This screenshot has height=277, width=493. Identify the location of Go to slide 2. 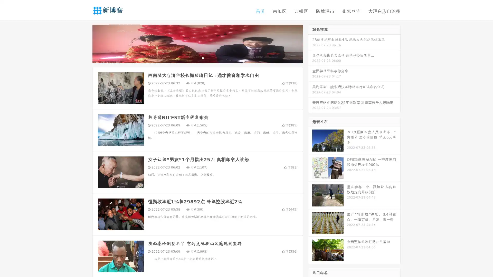
(197, 58).